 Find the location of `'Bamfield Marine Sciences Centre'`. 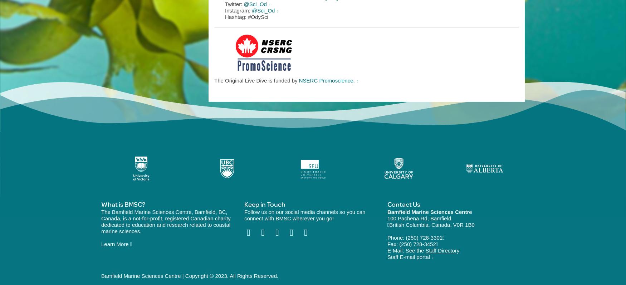

'Bamfield Marine Sciences Centre' is located at coordinates (429, 211).